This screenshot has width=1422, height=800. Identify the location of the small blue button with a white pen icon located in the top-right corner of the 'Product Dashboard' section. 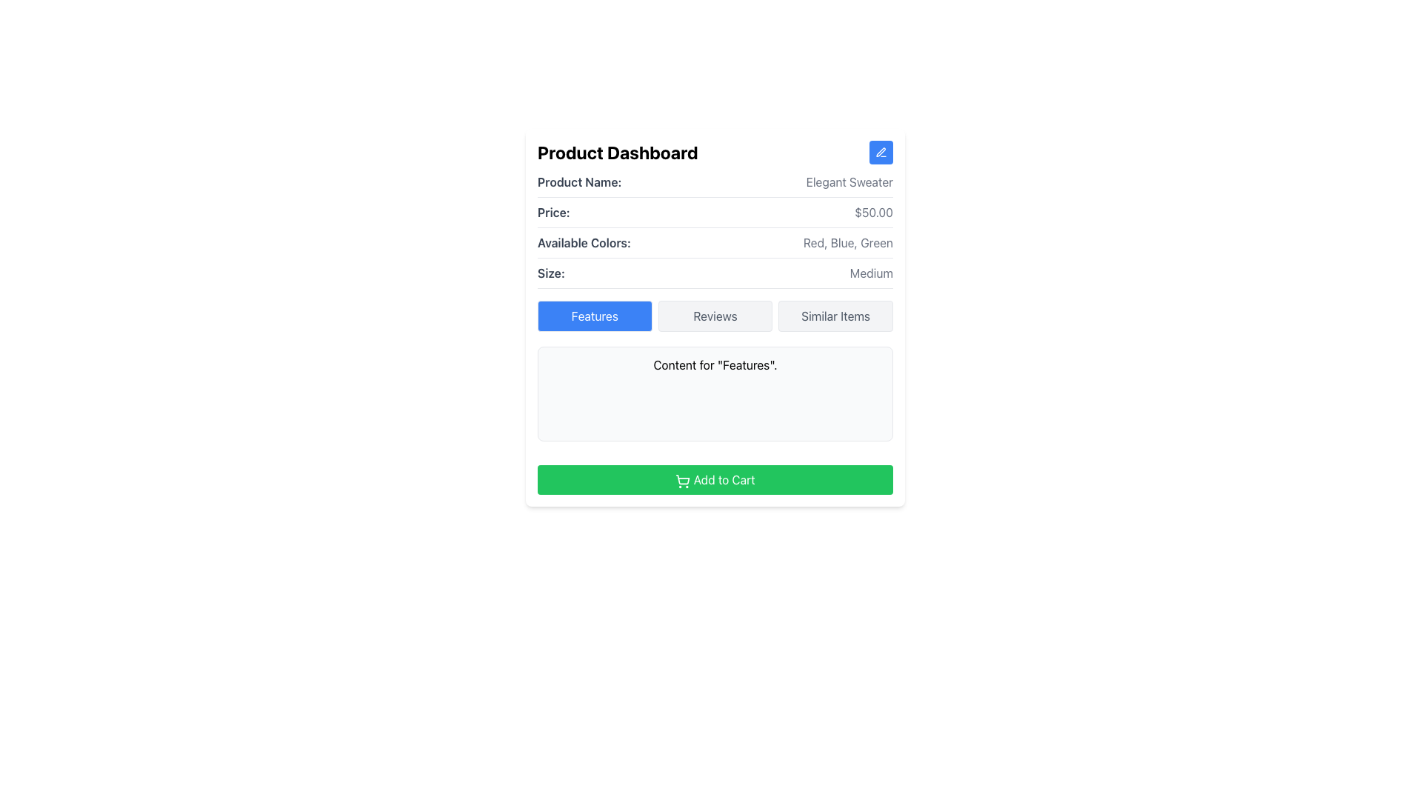
(881, 152).